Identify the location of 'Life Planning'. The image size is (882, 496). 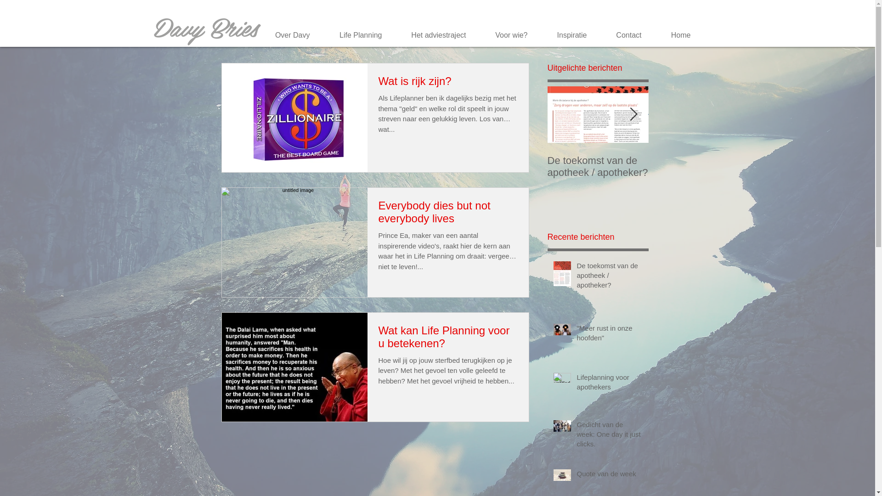
(319, 35).